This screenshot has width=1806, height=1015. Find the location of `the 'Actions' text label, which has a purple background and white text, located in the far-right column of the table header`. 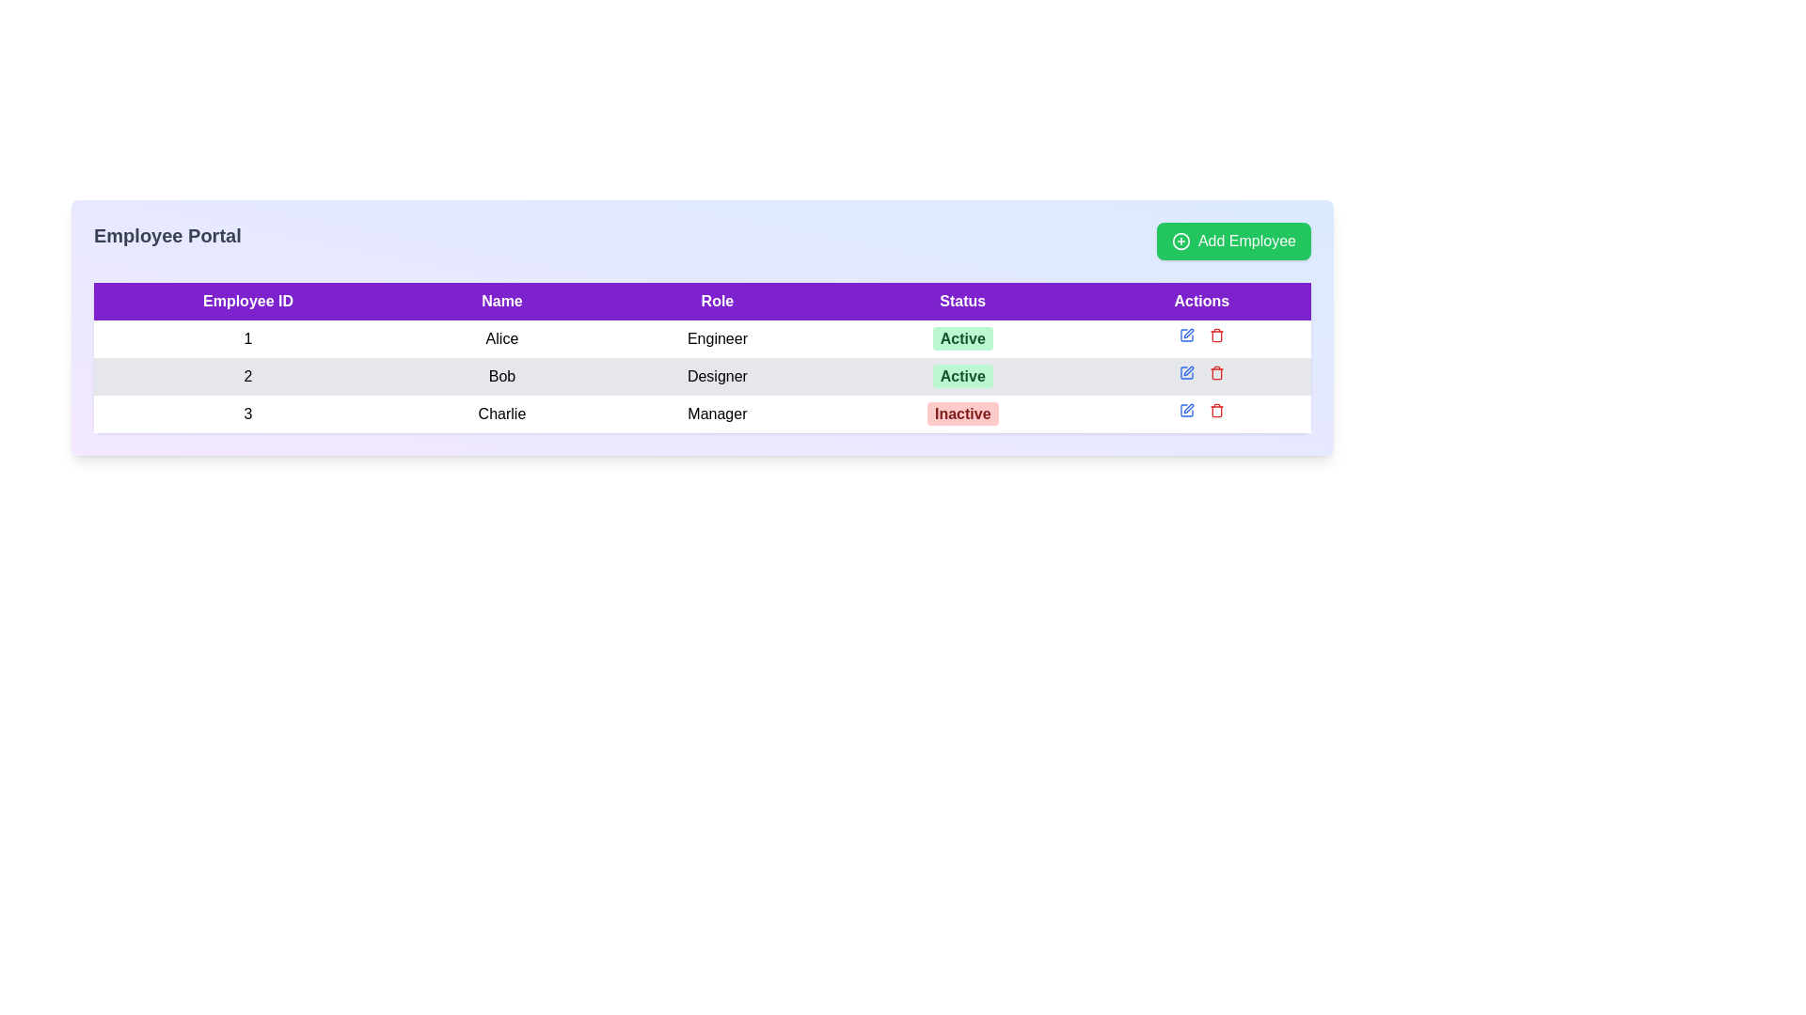

the 'Actions' text label, which has a purple background and white text, located in the far-right column of the table header is located at coordinates (1200, 300).